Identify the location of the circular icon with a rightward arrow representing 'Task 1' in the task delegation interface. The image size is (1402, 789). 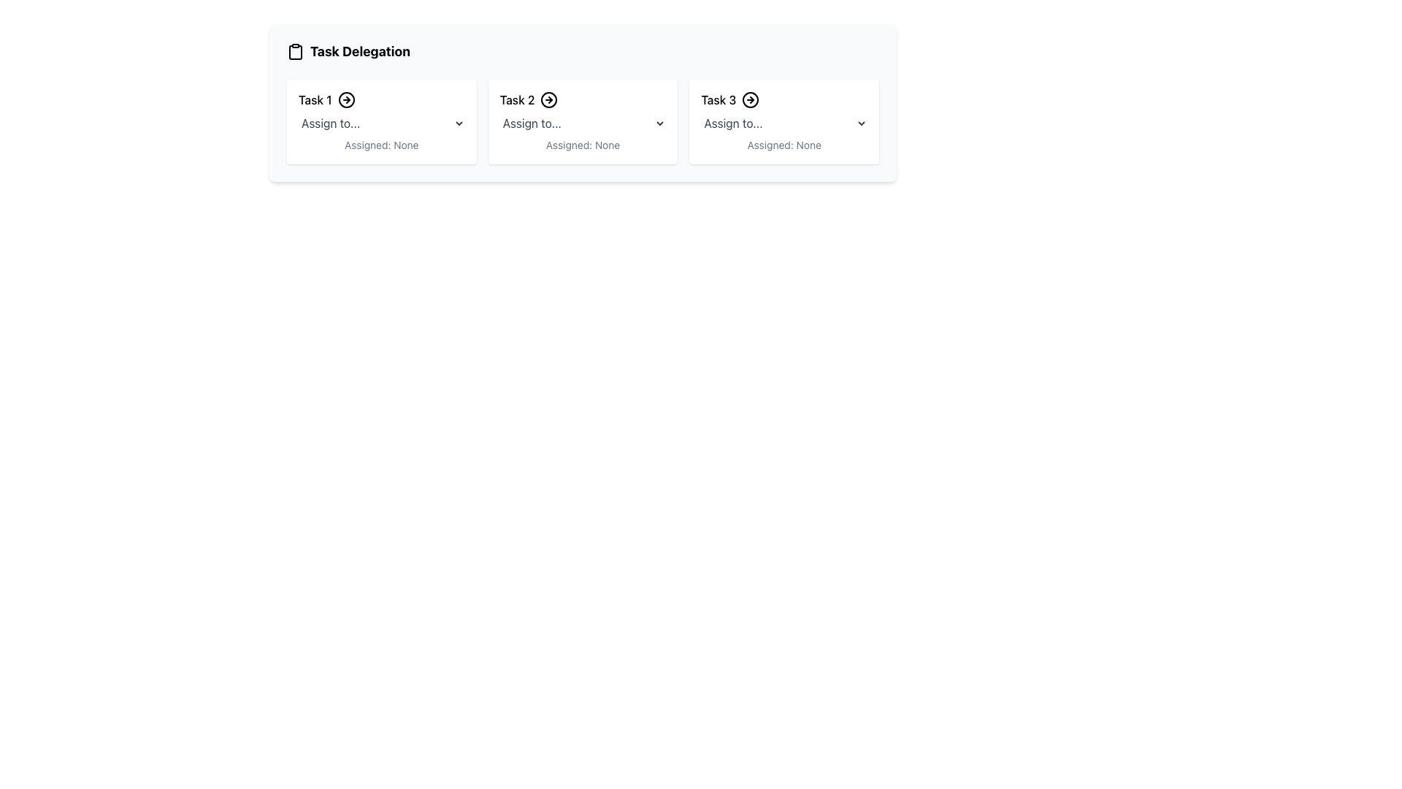
(345, 99).